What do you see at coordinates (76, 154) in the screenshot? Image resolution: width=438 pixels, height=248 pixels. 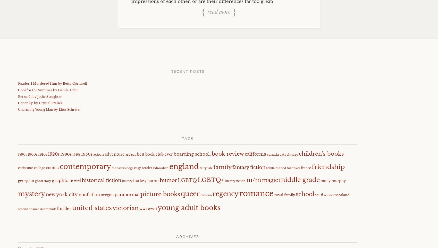 I see `'1940s'` at bounding box center [76, 154].